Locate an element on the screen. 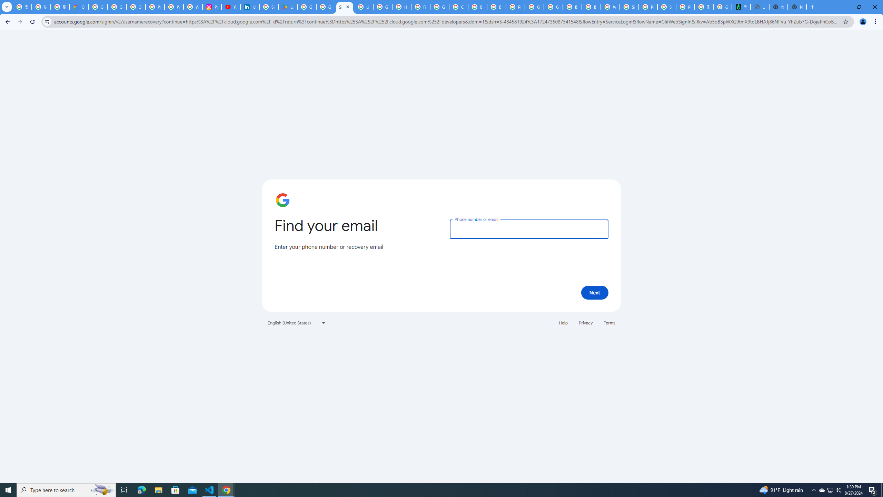 This screenshot has width=883, height=497. 'YouTube Culture & Trends - On The Rise: Handcam Videos' is located at coordinates (230, 7).